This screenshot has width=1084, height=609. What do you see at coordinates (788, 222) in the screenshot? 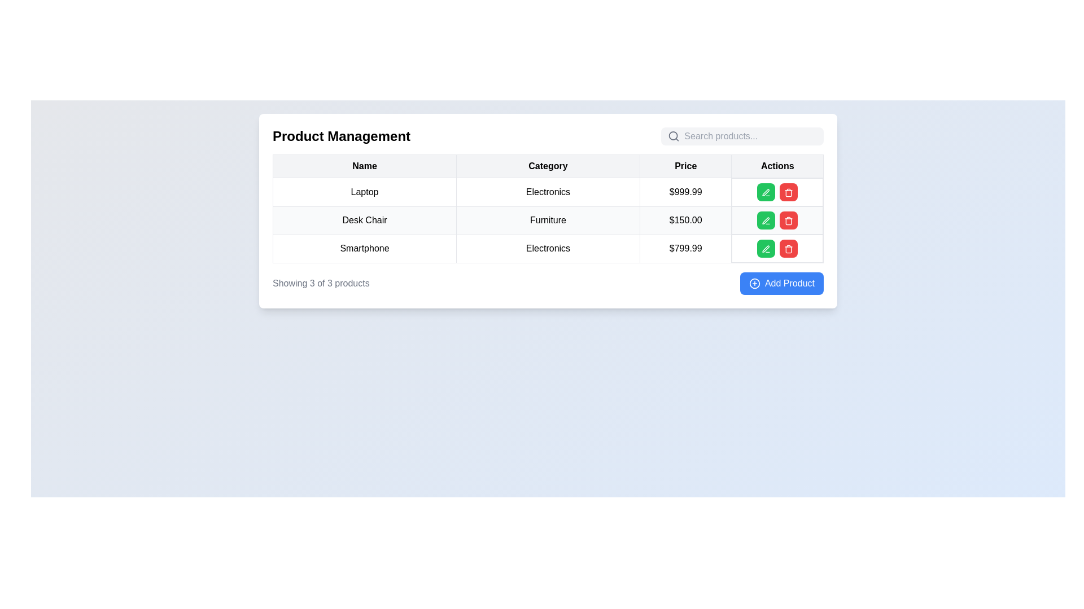
I see `the red delete button represented by a trash can icon located under the 'Actions' column of the third row of the table` at bounding box center [788, 222].